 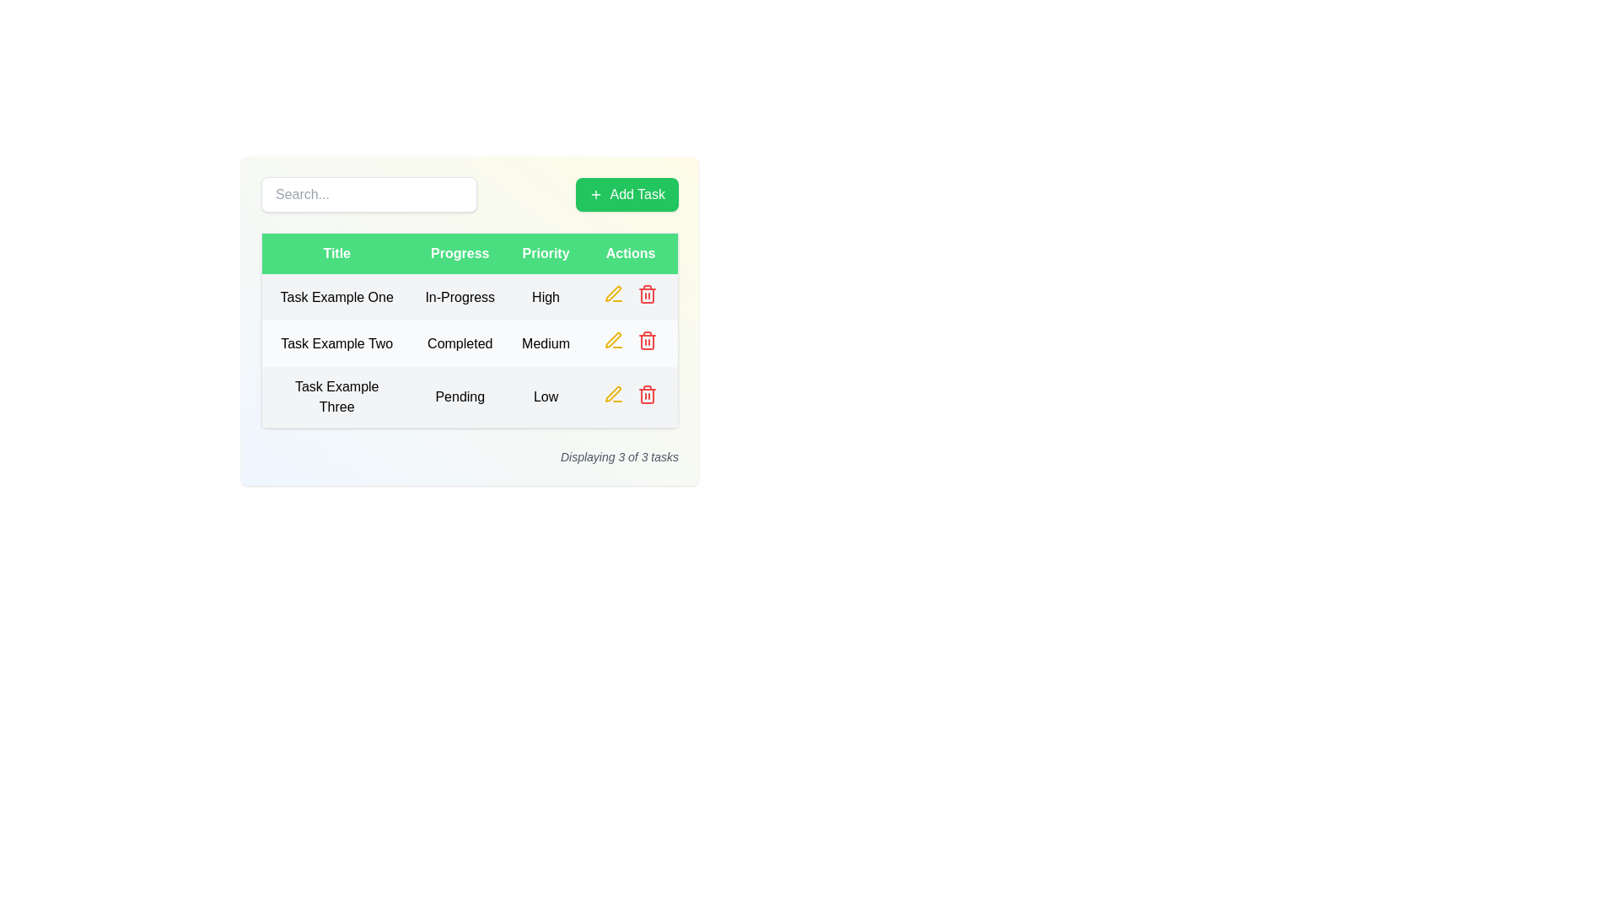 What do you see at coordinates (647, 293) in the screenshot?
I see `the delete button located in the 'Actions' column of the last row of the table` at bounding box center [647, 293].